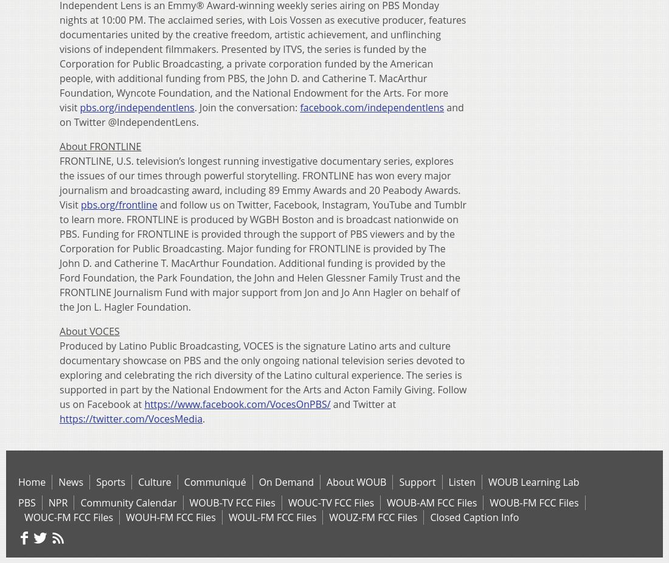  Describe the element at coordinates (259, 182) in the screenshot. I see `'FRONTLINE, U.S. television’s longest running investigative documentary series, explores the issues of our times through powerful storytelling. FRONTLINE has won every major journalism and broadcasting award, including 89 Emmy Awards and 20 Peabody Awards. Visit'` at that location.